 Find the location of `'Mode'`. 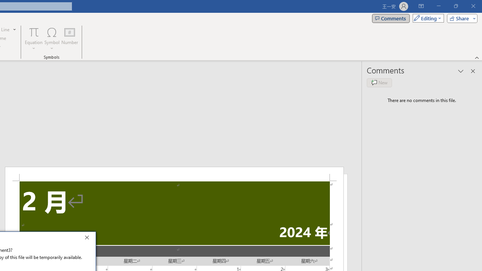

'Mode' is located at coordinates (427, 18).